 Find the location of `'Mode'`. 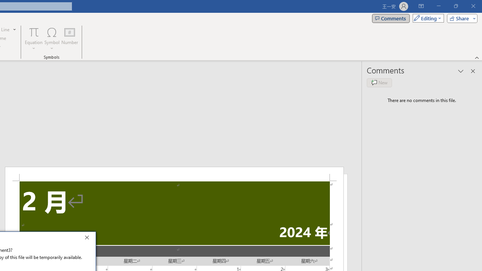

'Mode' is located at coordinates (427, 18).